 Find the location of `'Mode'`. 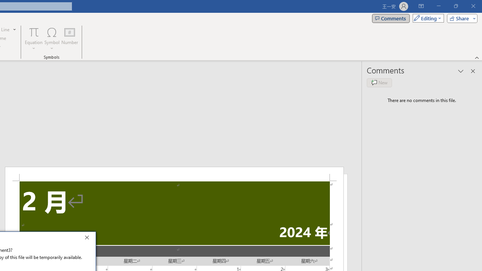

'Mode' is located at coordinates (427, 18).